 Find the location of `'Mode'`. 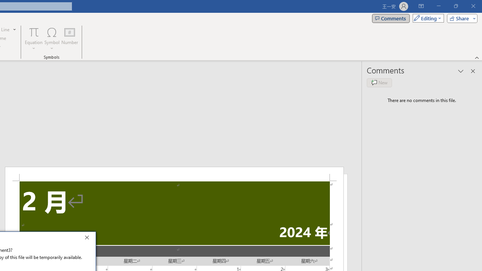

'Mode' is located at coordinates (427, 18).